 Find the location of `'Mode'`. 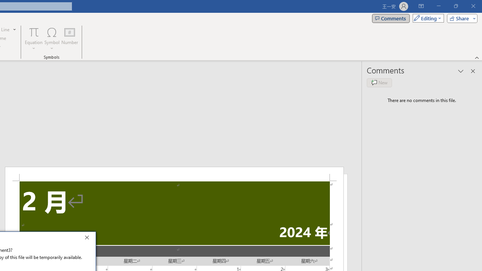

'Mode' is located at coordinates (427, 18).